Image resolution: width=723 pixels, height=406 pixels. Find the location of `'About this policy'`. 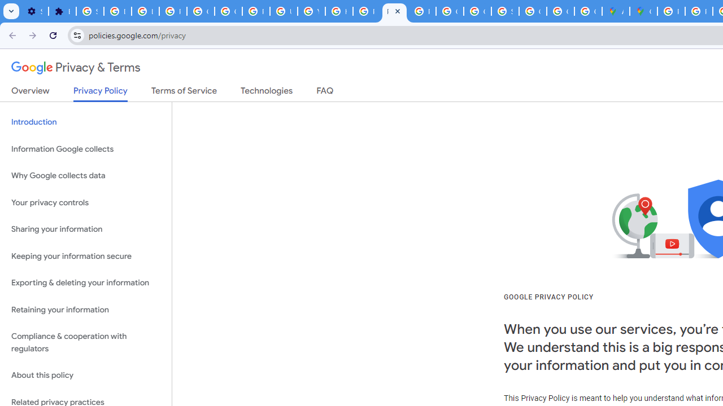

'About this policy' is located at coordinates (85, 376).